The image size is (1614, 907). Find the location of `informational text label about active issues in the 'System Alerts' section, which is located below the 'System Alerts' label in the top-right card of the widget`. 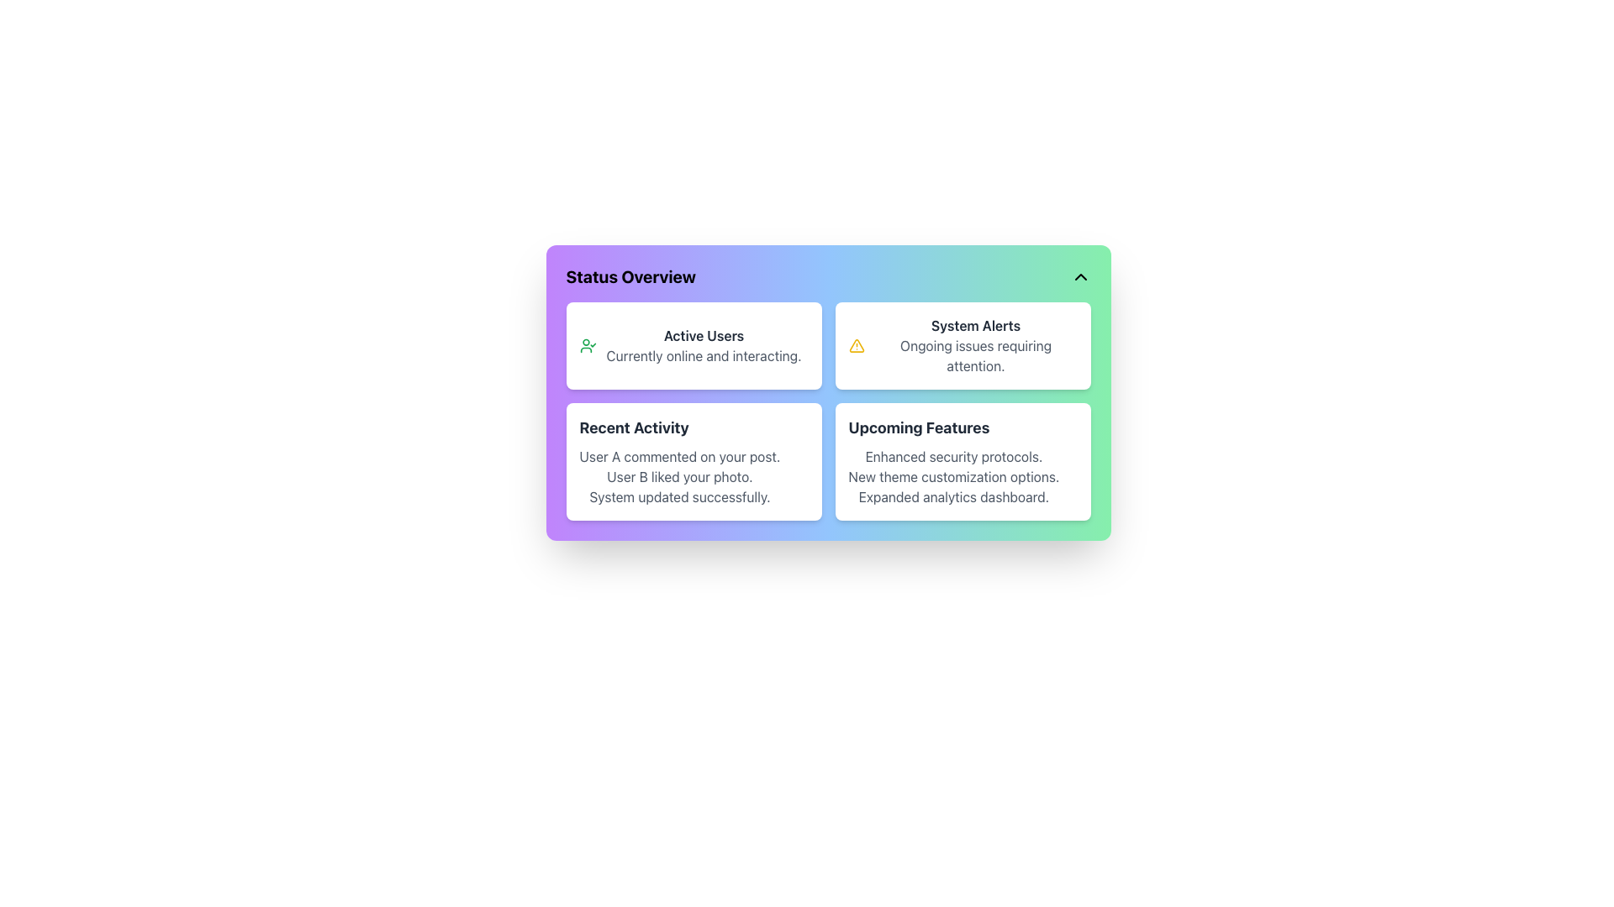

informational text label about active issues in the 'System Alerts' section, which is located below the 'System Alerts' label in the top-right card of the widget is located at coordinates (976, 355).